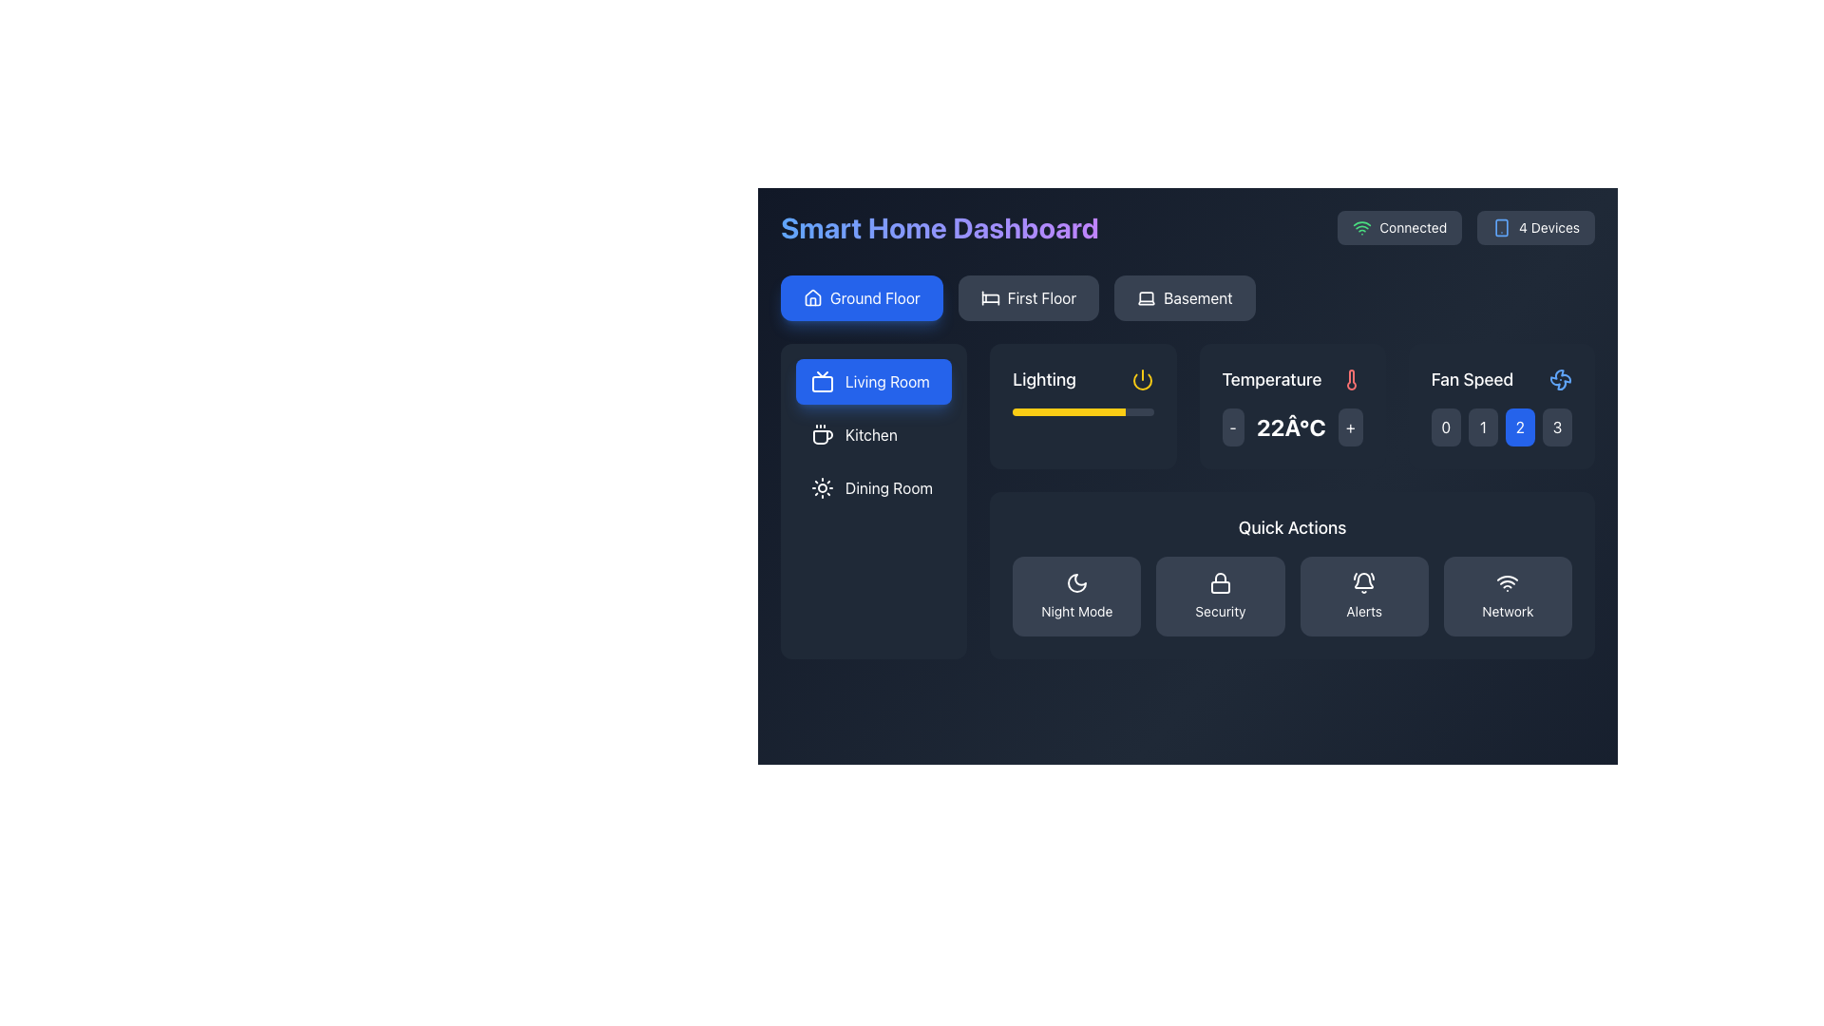 This screenshot has height=1026, width=1824. I want to click on the small rectangular button with rounded corners and a dark gray background, displaying the numeral '0' in white, to activate its hover effect, so click(1445, 427).